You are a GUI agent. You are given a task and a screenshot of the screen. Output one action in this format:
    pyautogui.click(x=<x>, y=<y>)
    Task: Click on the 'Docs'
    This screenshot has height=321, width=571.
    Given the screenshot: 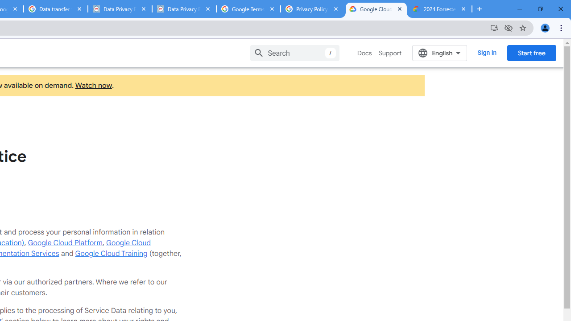 What is the action you would take?
    pyautogui.click(x=364, y=53)
    